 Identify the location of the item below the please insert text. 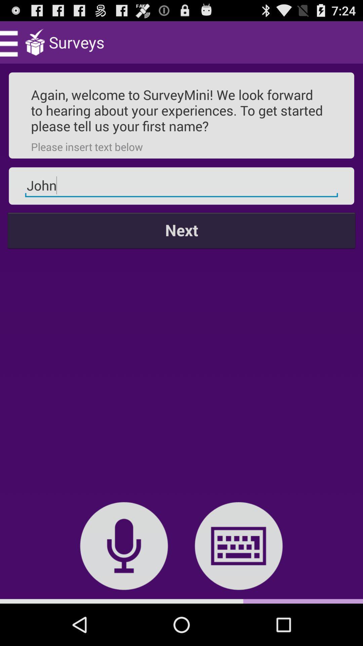
(182, 186).